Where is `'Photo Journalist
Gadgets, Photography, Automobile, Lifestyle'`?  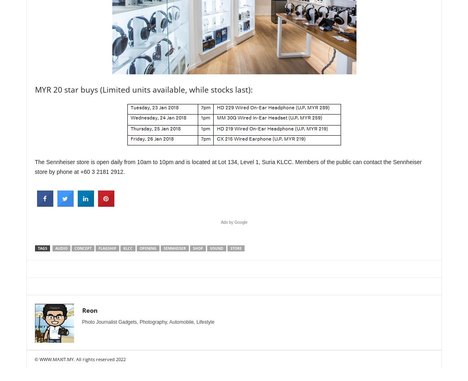 'Photo Journalist
Gadgets, Photography, Automobile, Lifestyle' is located at coordinates (148, 321).